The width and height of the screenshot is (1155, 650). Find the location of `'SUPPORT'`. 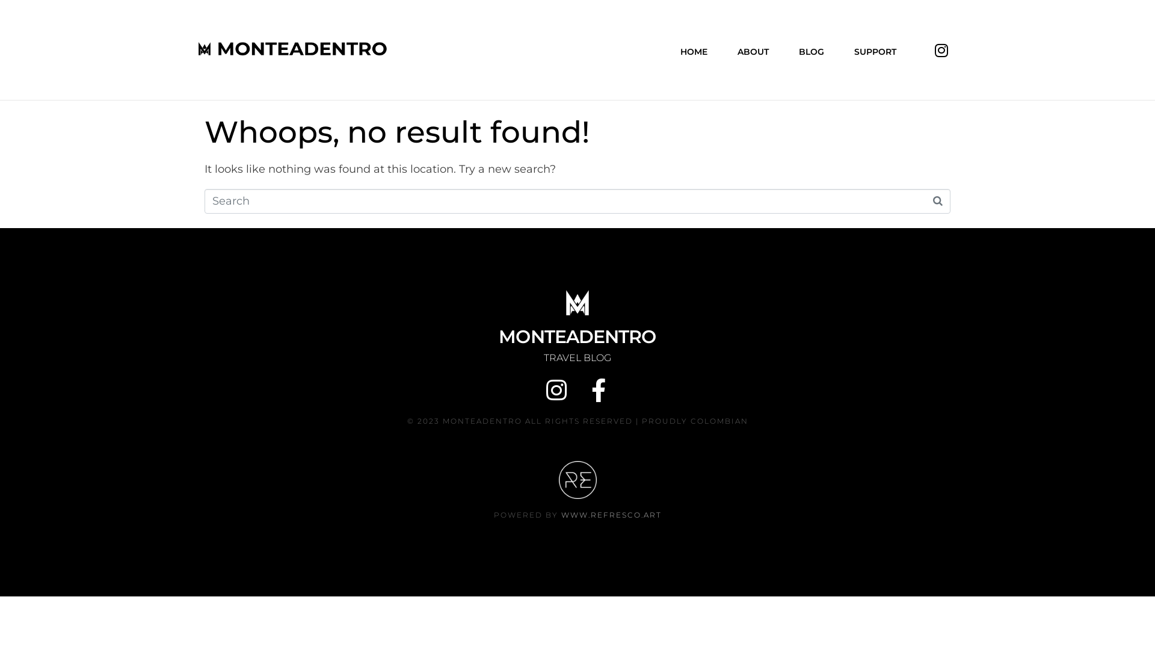

'SUPPORT' is located at coordinates (875, 49).